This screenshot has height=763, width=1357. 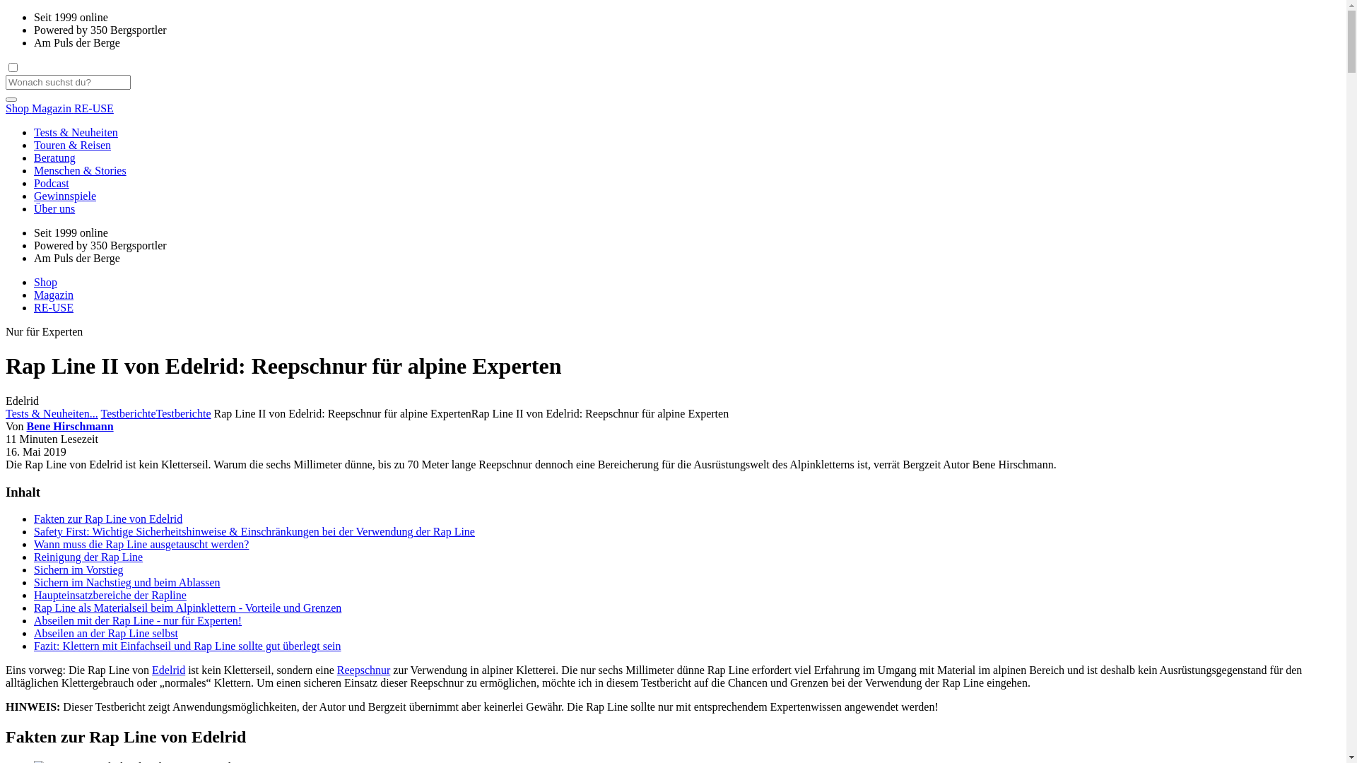 What do you see at coordinates (110, 595) in the screenshot?
I see `'Haupteinsatzbereiche der Rapline'` at bounding box center [110, 595].